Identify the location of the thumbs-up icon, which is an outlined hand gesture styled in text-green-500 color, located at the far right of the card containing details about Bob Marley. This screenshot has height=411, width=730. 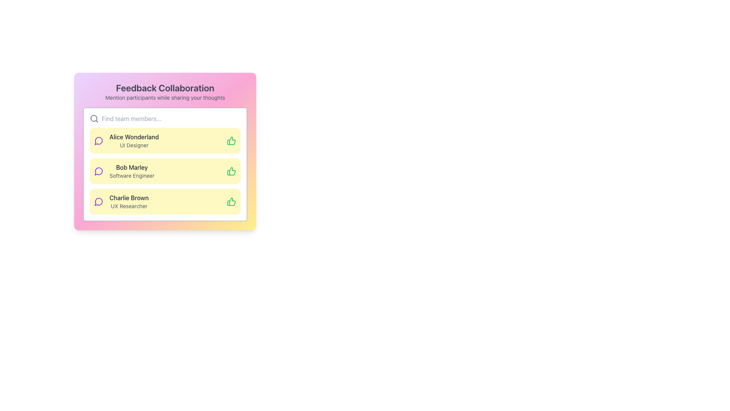
(231, 171).